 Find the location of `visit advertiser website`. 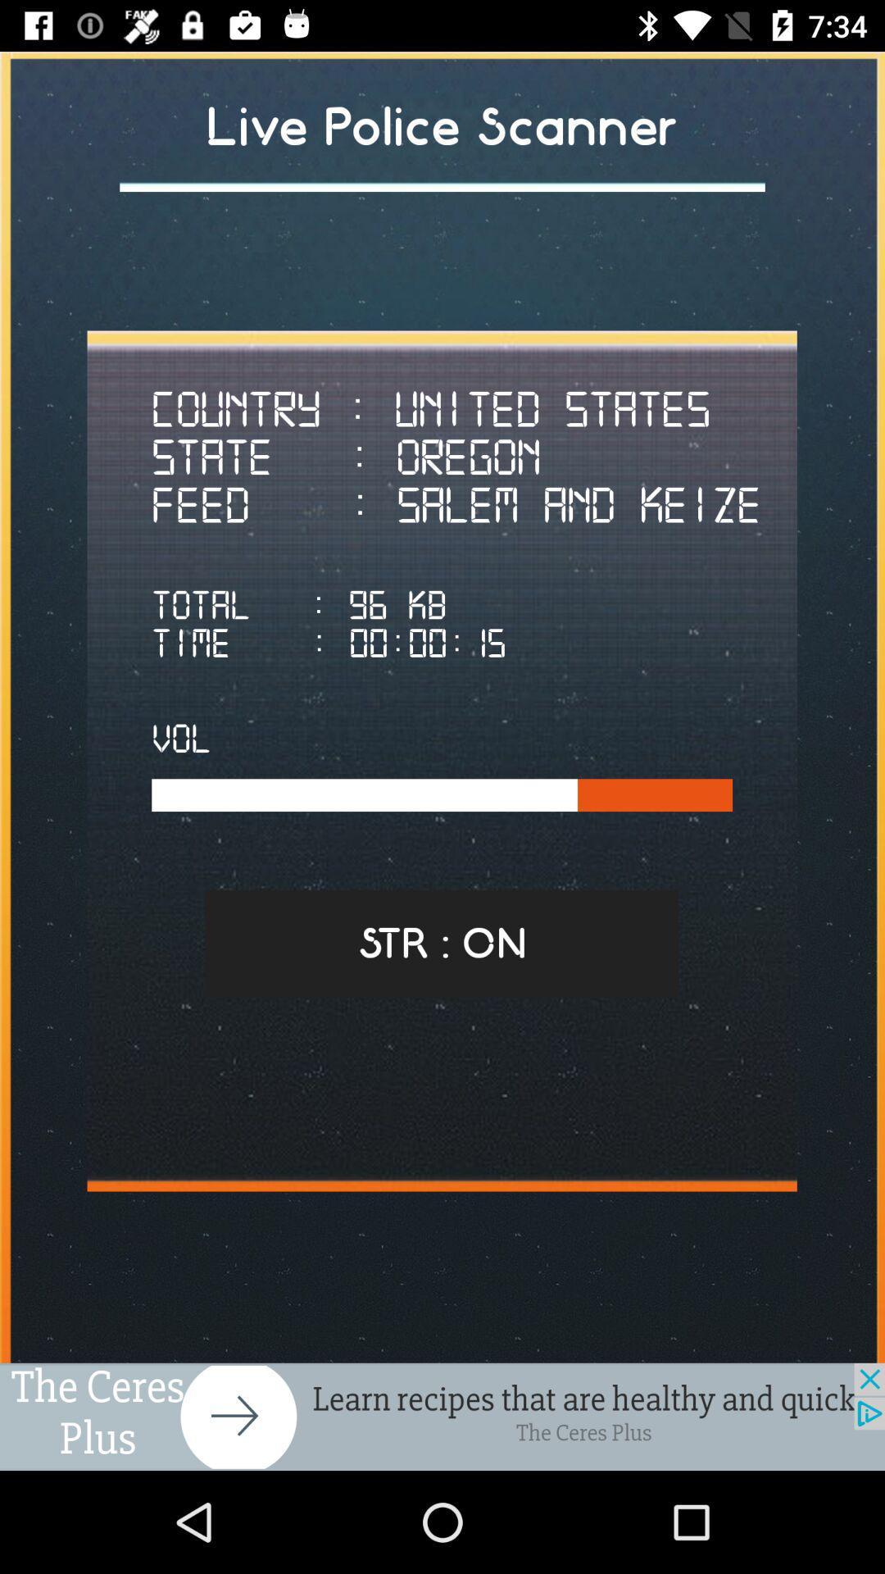

visit advertiser website is located at coordinates (442, 1416).